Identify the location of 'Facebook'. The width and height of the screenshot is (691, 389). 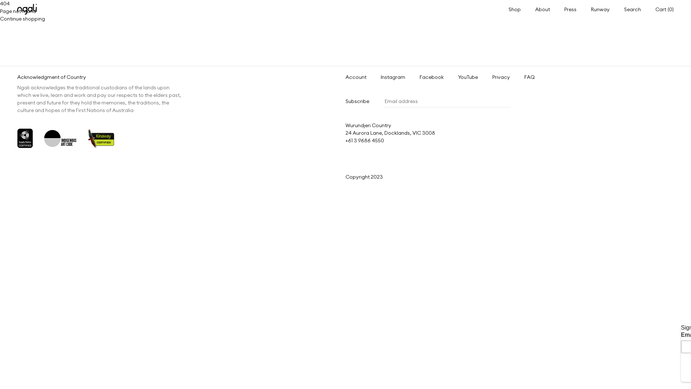
(432, 77).